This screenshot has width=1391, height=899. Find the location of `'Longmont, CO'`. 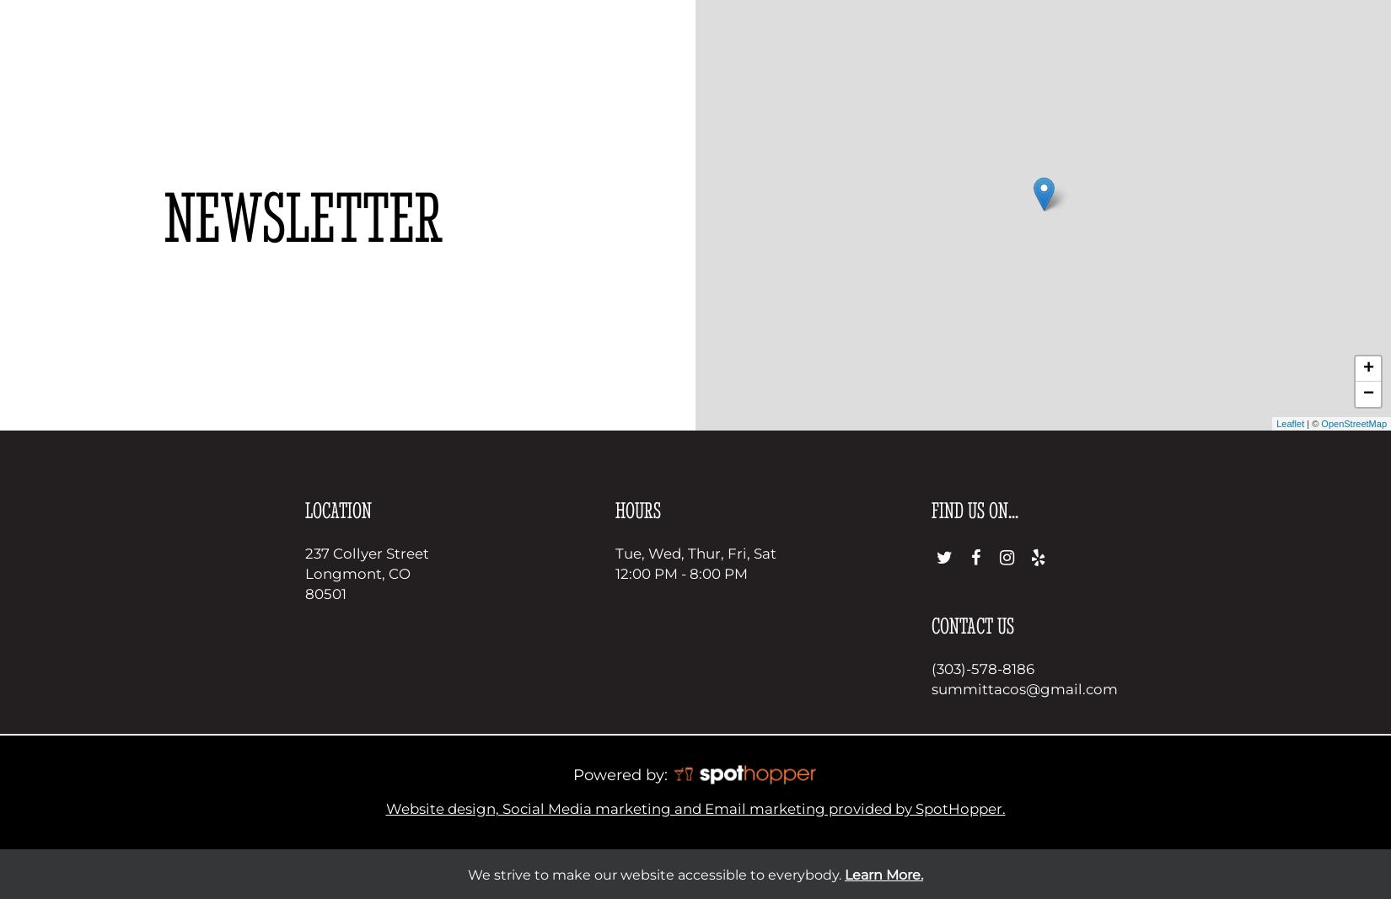

'Longmont, CO' is located at coordinates (356, 572).